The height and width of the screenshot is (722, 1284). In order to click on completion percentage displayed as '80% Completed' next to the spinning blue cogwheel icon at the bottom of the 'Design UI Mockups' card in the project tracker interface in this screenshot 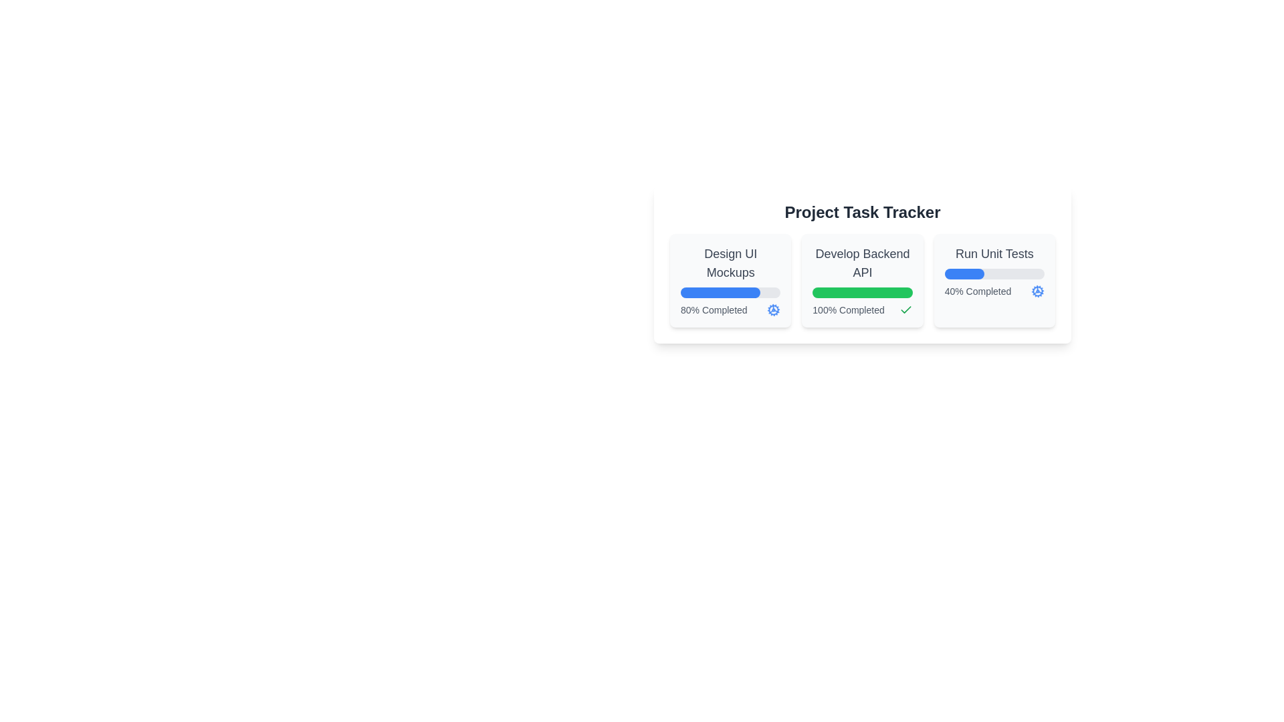, I will do `click(730, 310)`.